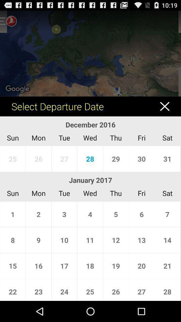 Image resolution: width=181 pixels, height=322 pixels. What do you see at coordinates (168, 106) in the screenshot?
I see `cancel button` at bounding box center [168, 106].